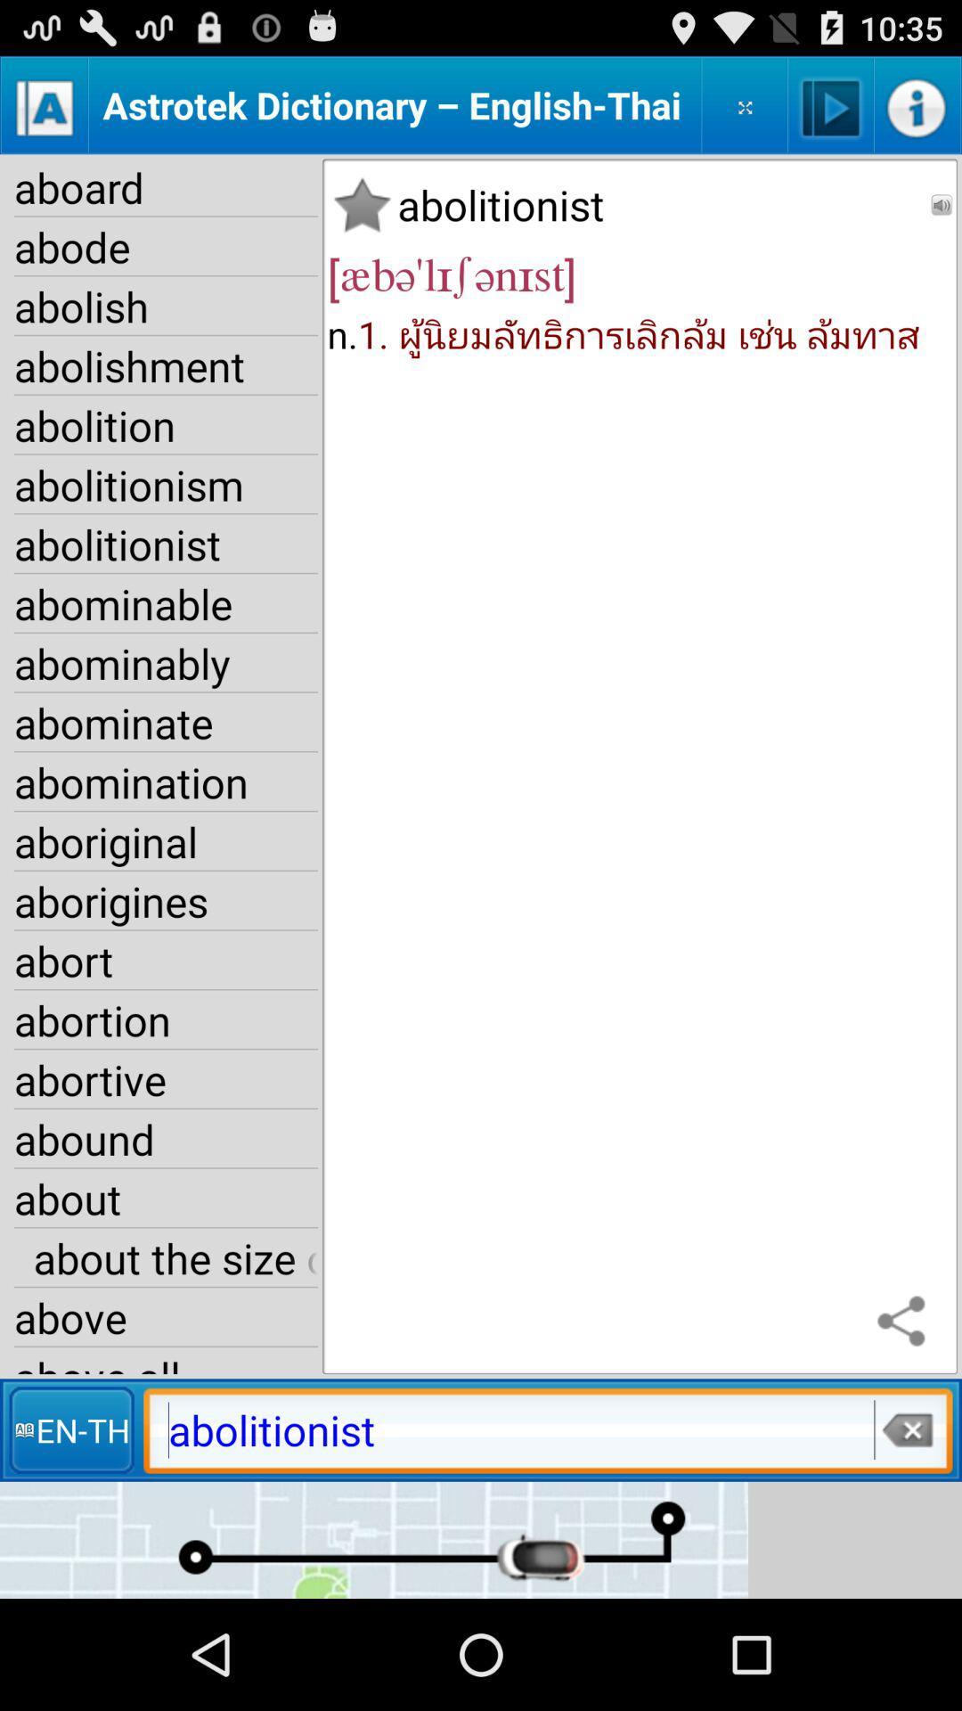  I want to click on delete text, so click(906, 1429).